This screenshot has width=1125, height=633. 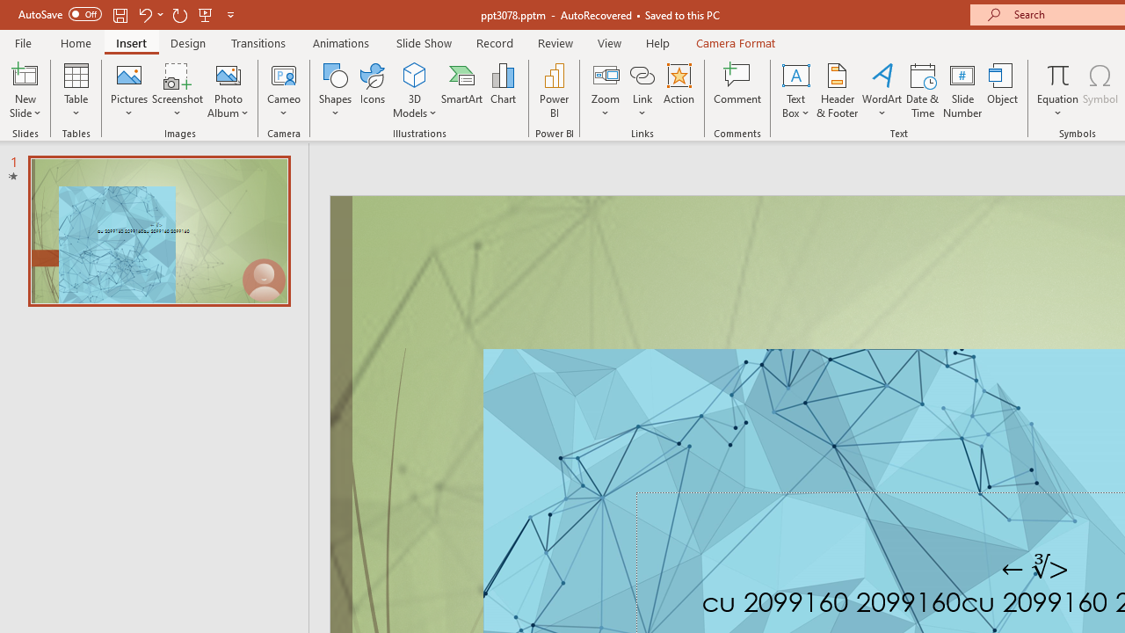 What do you see at coordinates (642, 74) in the screenshot?
I see `'Link'` at bounding box center [642, 74].